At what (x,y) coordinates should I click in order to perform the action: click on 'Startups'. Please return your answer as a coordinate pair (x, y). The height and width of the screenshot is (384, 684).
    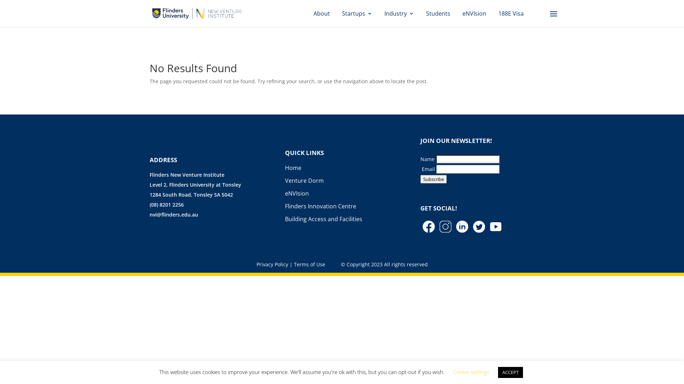
    Looking at the image, I should click on (342, 14).